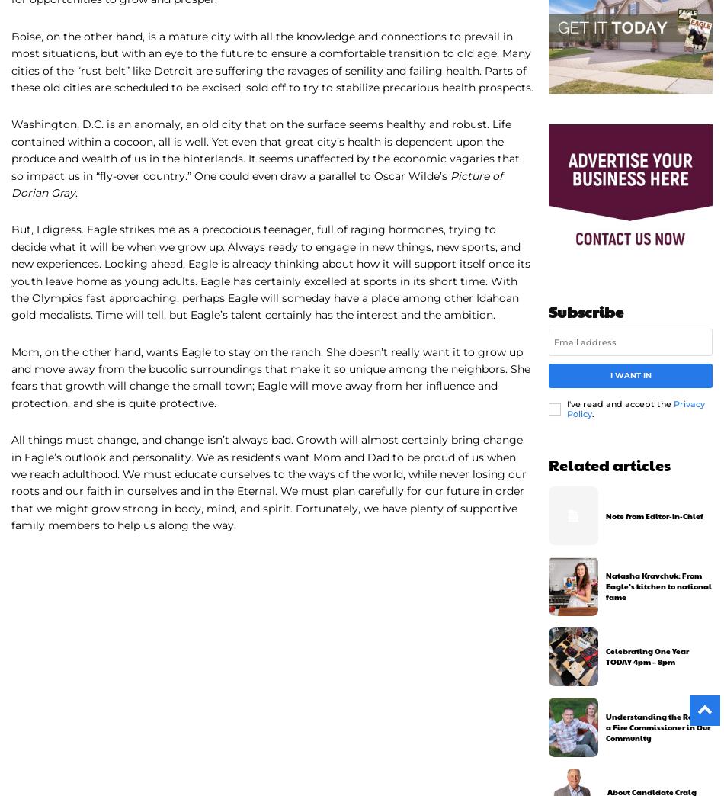 This screenshot has width=724, height=796. What do you see at coordinates (548, 310) in the screenshot?
I see `'Subscribe'` at bounding box center [548, 310].